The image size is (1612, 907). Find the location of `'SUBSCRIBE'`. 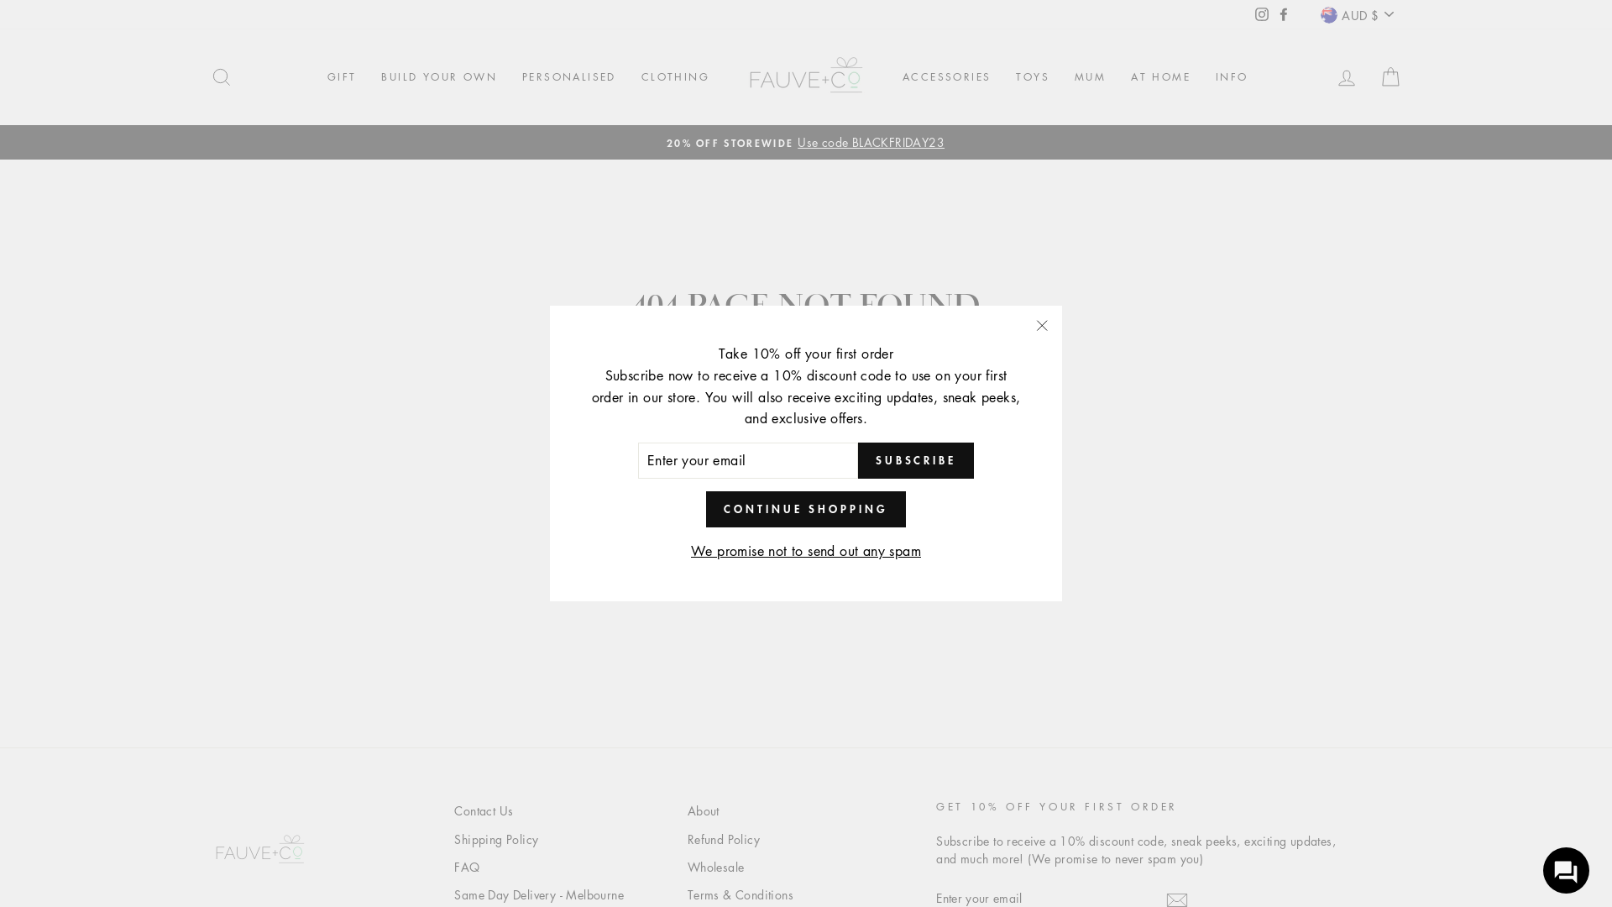

'SUBSCRIBE' is located at coordinates (858, 460).